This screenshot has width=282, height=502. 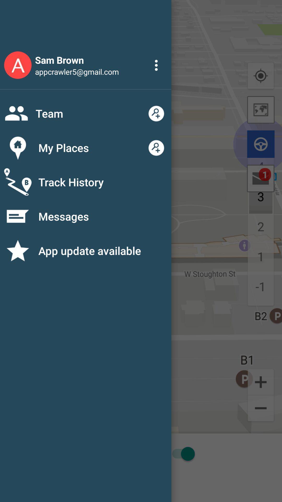 What do you see at coordinates (261, 76) in the screenshot?
I see `the location_crosshair icon` at bounding box center [261, 76].